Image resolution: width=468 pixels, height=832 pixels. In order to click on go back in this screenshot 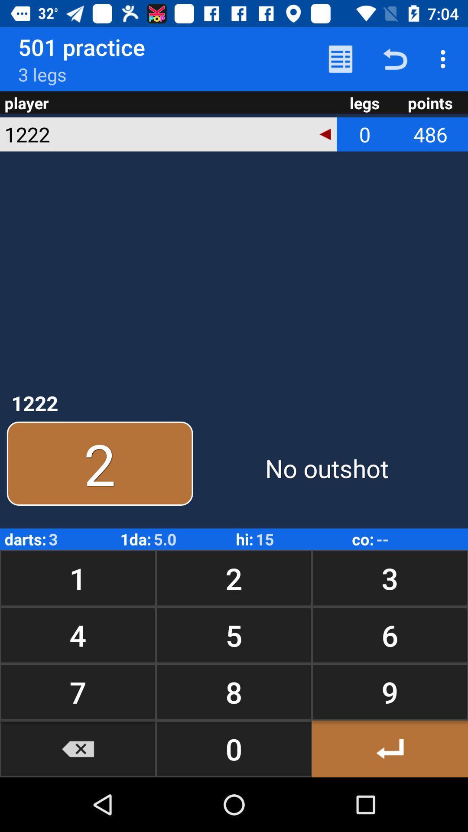, I will do `click(78, 748)`.